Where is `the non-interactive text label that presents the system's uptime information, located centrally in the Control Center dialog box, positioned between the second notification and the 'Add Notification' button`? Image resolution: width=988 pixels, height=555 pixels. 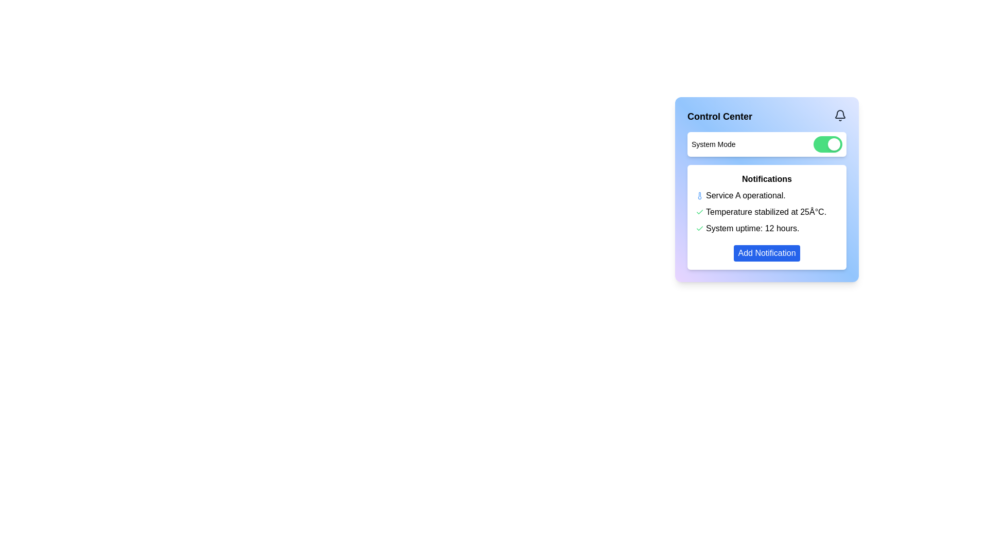 the non-interactive text label that presents the system's uptime information, located centrally in the Control Center dialog box, positioned between the second notification and the 'Add Notification' button is located at coordinates (752, 228).